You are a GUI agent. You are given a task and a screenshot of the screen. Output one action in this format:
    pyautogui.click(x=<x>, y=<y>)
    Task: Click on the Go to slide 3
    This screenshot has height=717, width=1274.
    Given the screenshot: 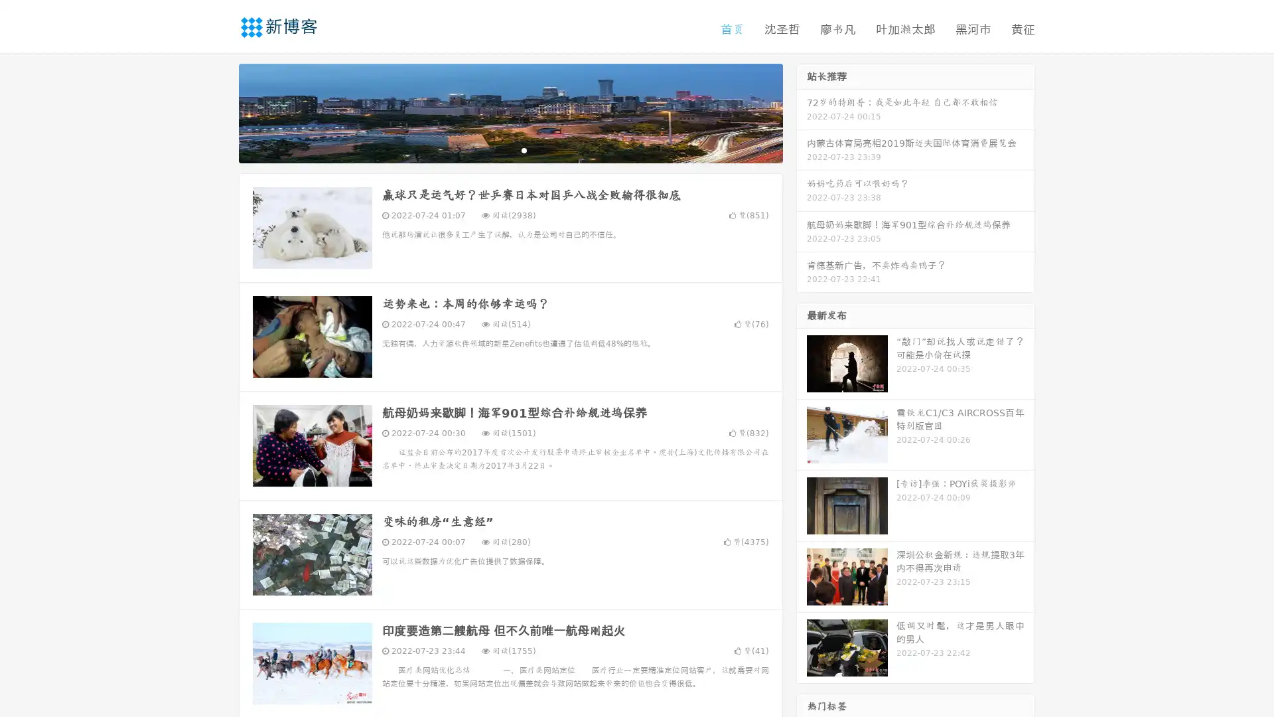 What is the action you would take?
    pyautogui.click(x=524, y=149)
    